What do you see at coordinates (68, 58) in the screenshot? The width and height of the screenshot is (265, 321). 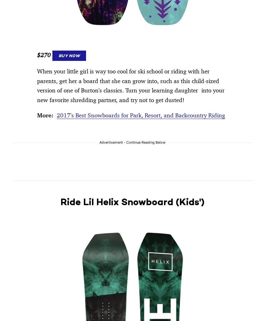 I see `'©2023 Hearst Magazine Media, Inc. All Rights Reserved.'` at bounding box center [68, 58].